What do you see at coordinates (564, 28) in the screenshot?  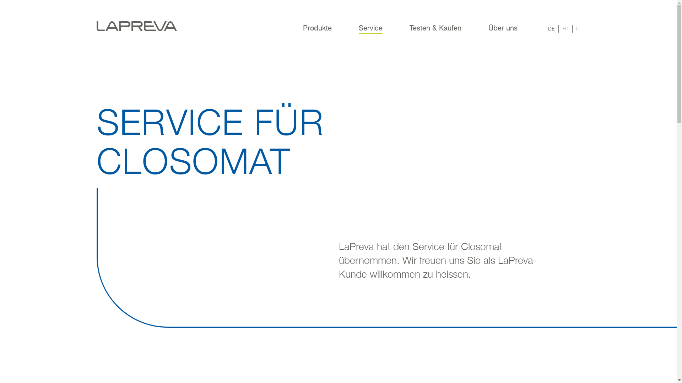 I see `'FR'` at bounding box center [564, 28].